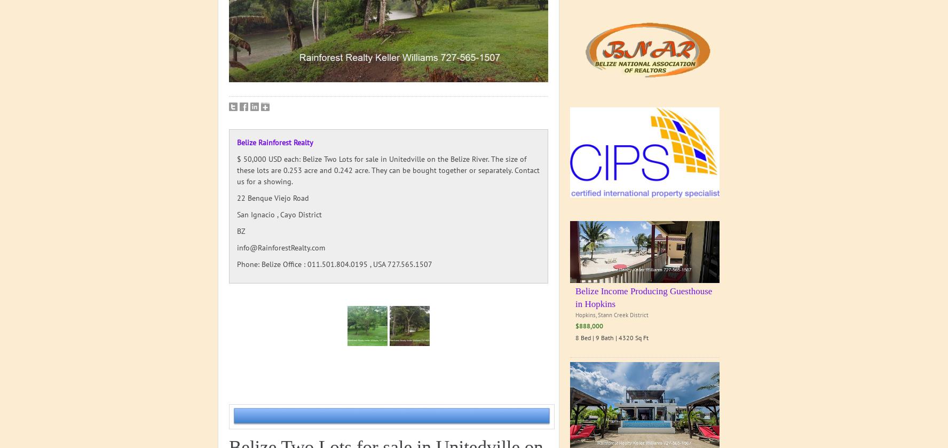  What do you see at coordinates (612, 336) in the screenshot?
I see `'8 Bed | 9 Bath | 4320 Sq Ft'` at bounding box center [612, 336].